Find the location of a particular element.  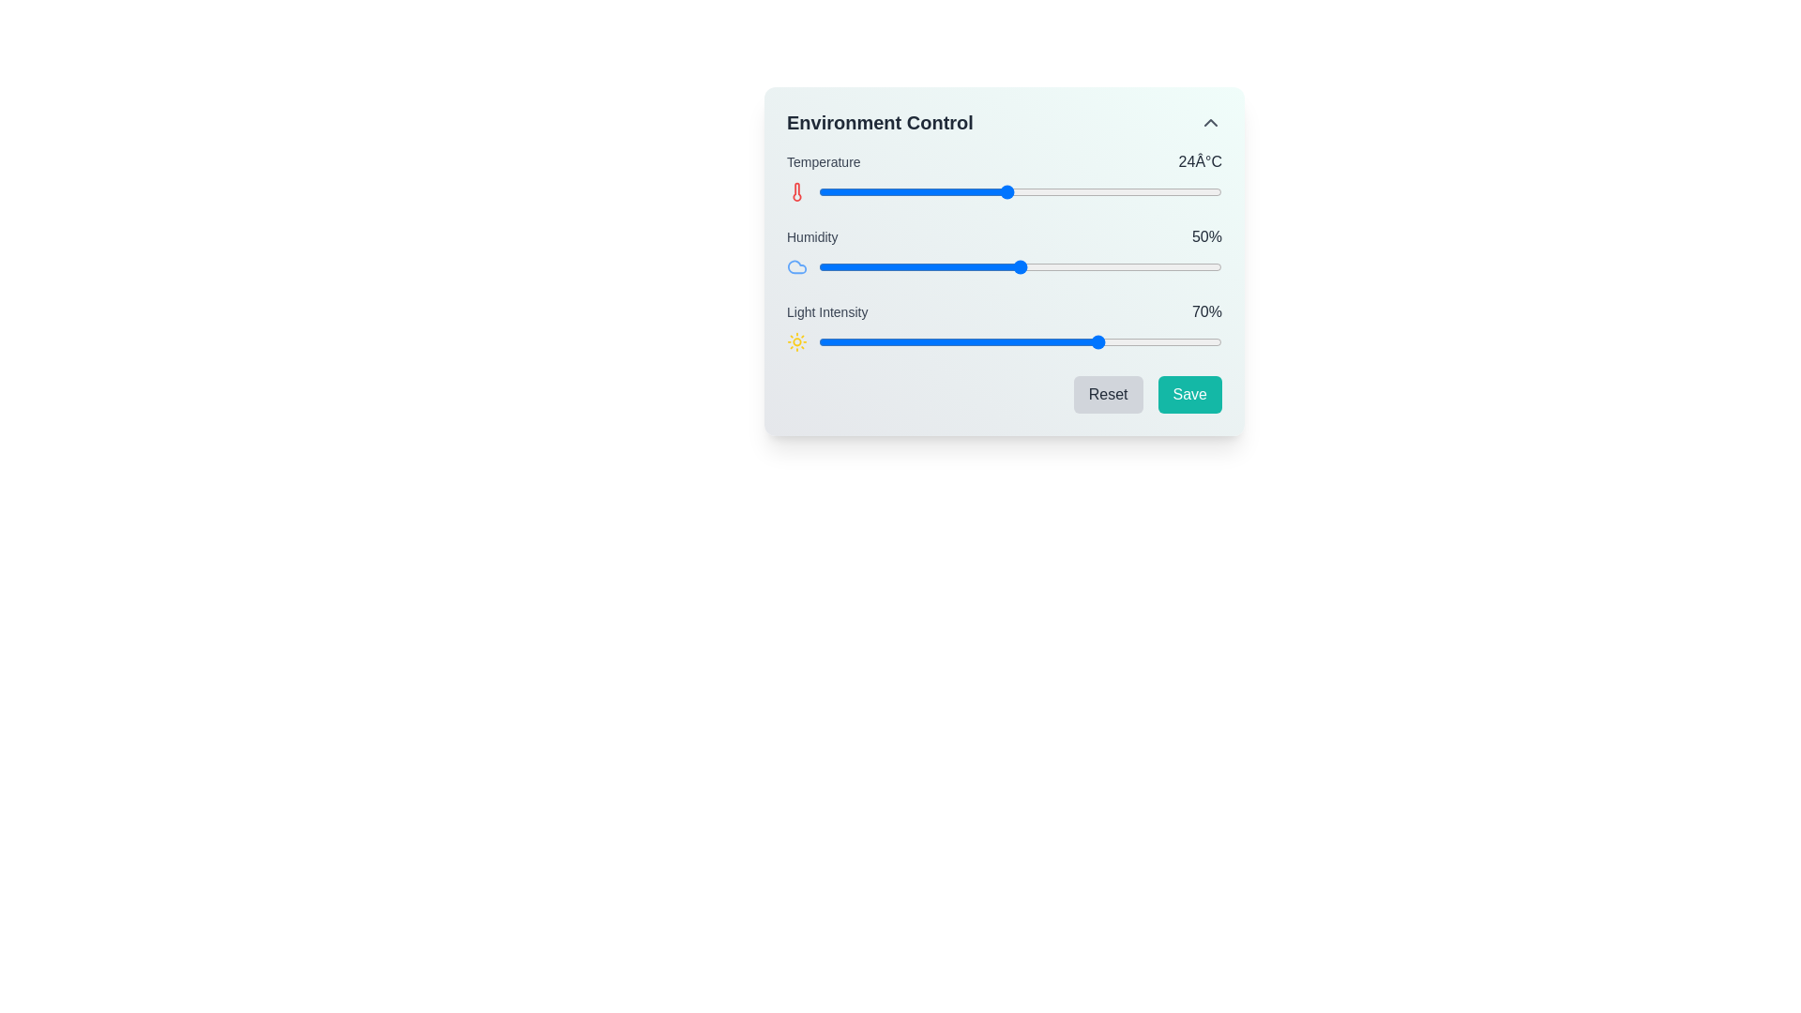

light intensity is located at coordinates (1101, 342).